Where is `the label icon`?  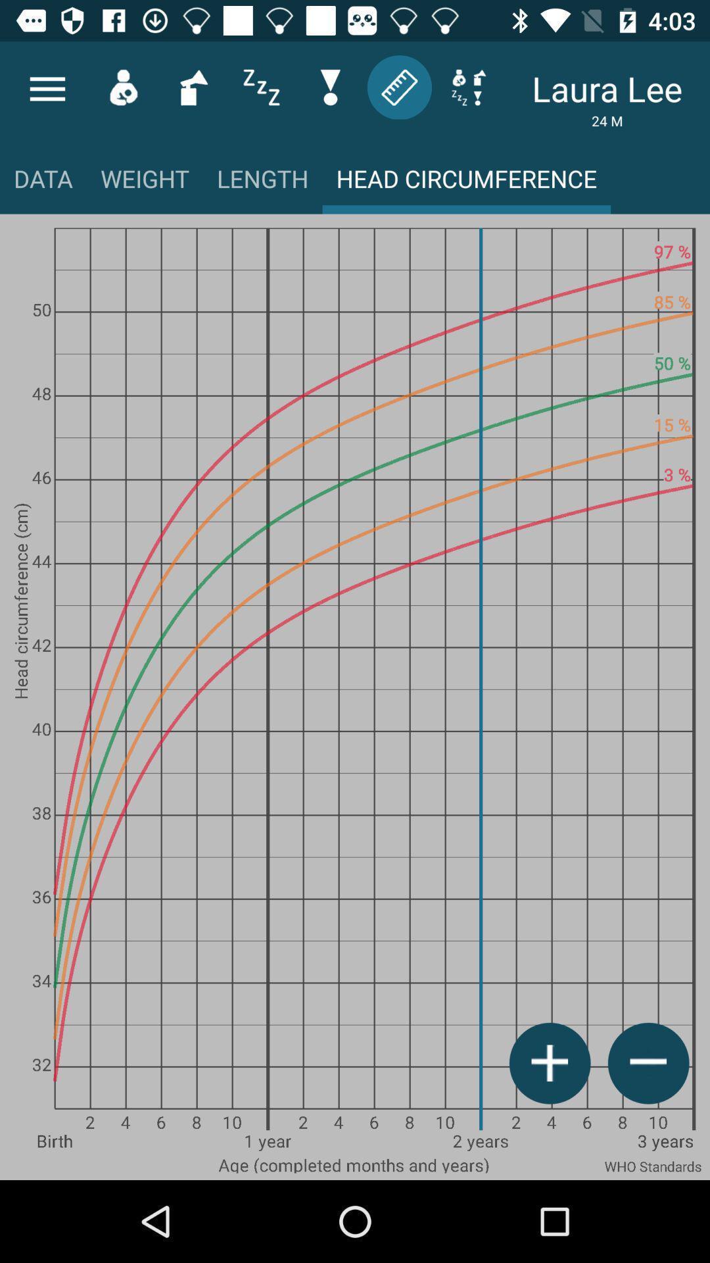 the label icon is located at coordinates (398, 86).